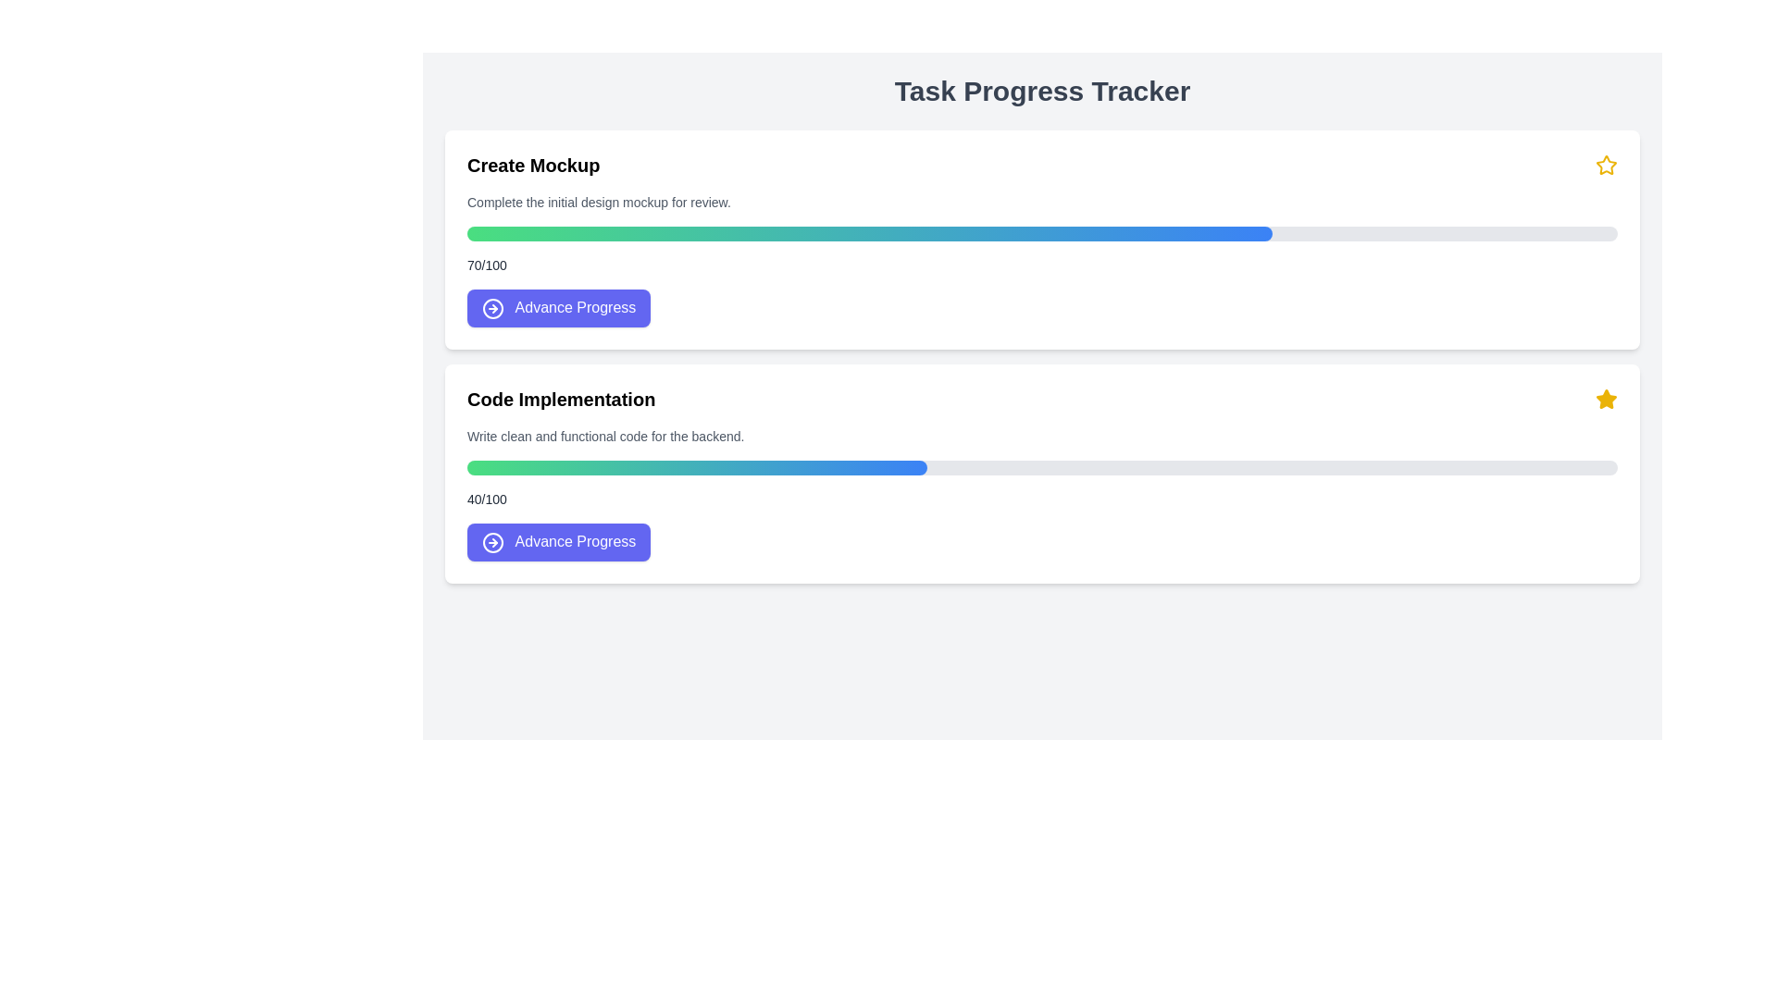 This screenshot has width=1777, height=999. Describe the element at coordinates (869, 233) in the screenshot. I see `the left portion of the progress bar segment in the 'Create Mockup' section, which visually represents 70% of the total width` at that location.